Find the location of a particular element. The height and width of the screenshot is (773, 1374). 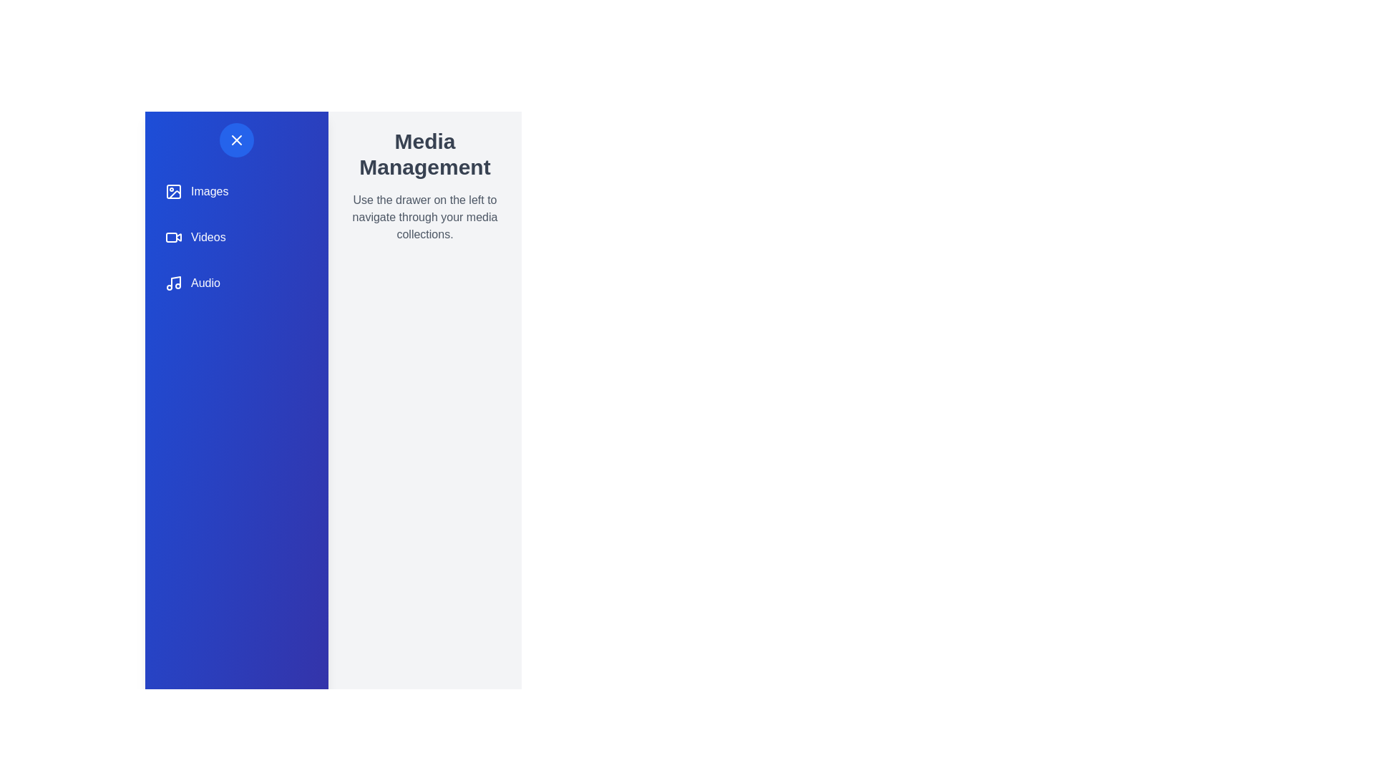

the light blue video camera icon located within the 'Videos' menu option in the navigation drawer by clicking on it is located at coordinates (173, 236).